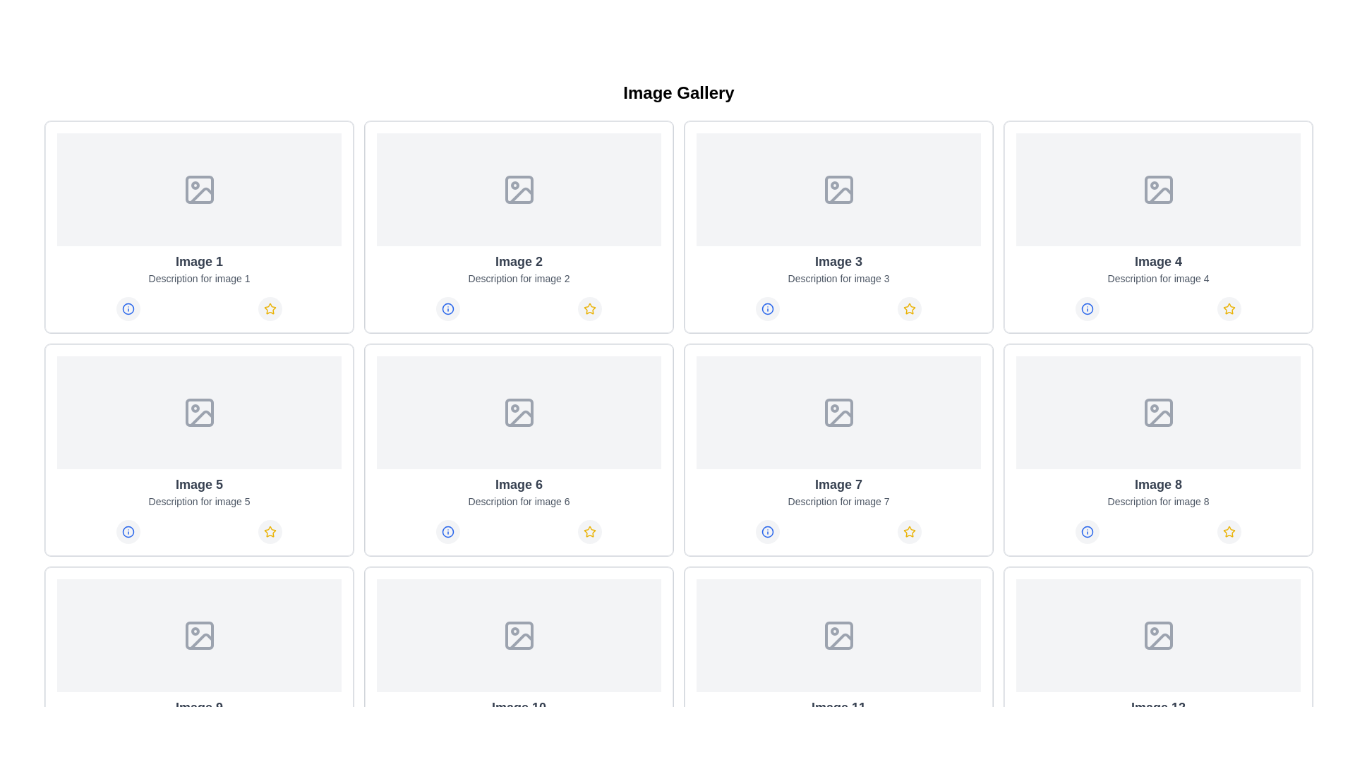  I want to click on the star icon button below 'Image 7' in the 'Image Gallery' section to rate it positively, so click(910, 531).